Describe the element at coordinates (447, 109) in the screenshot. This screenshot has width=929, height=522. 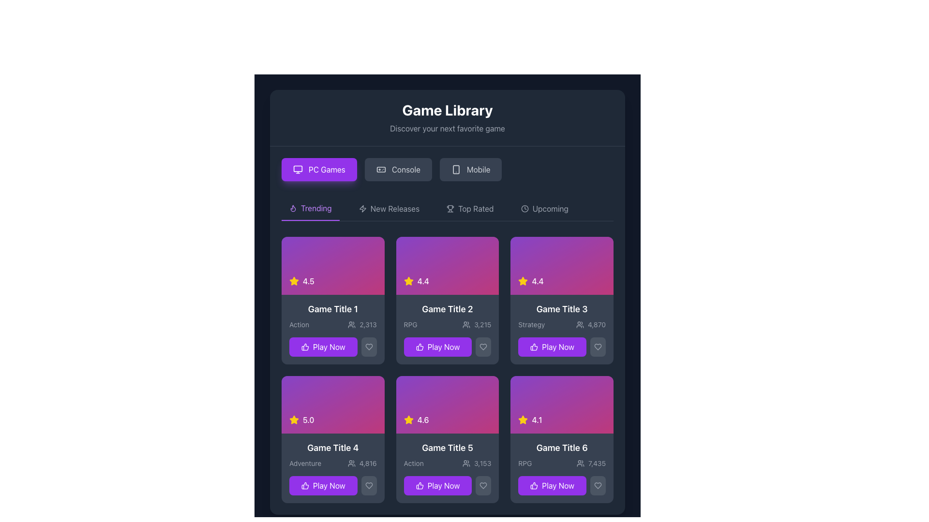
I see `the header text element that indicates the primary content focus of the game library section` at that location.